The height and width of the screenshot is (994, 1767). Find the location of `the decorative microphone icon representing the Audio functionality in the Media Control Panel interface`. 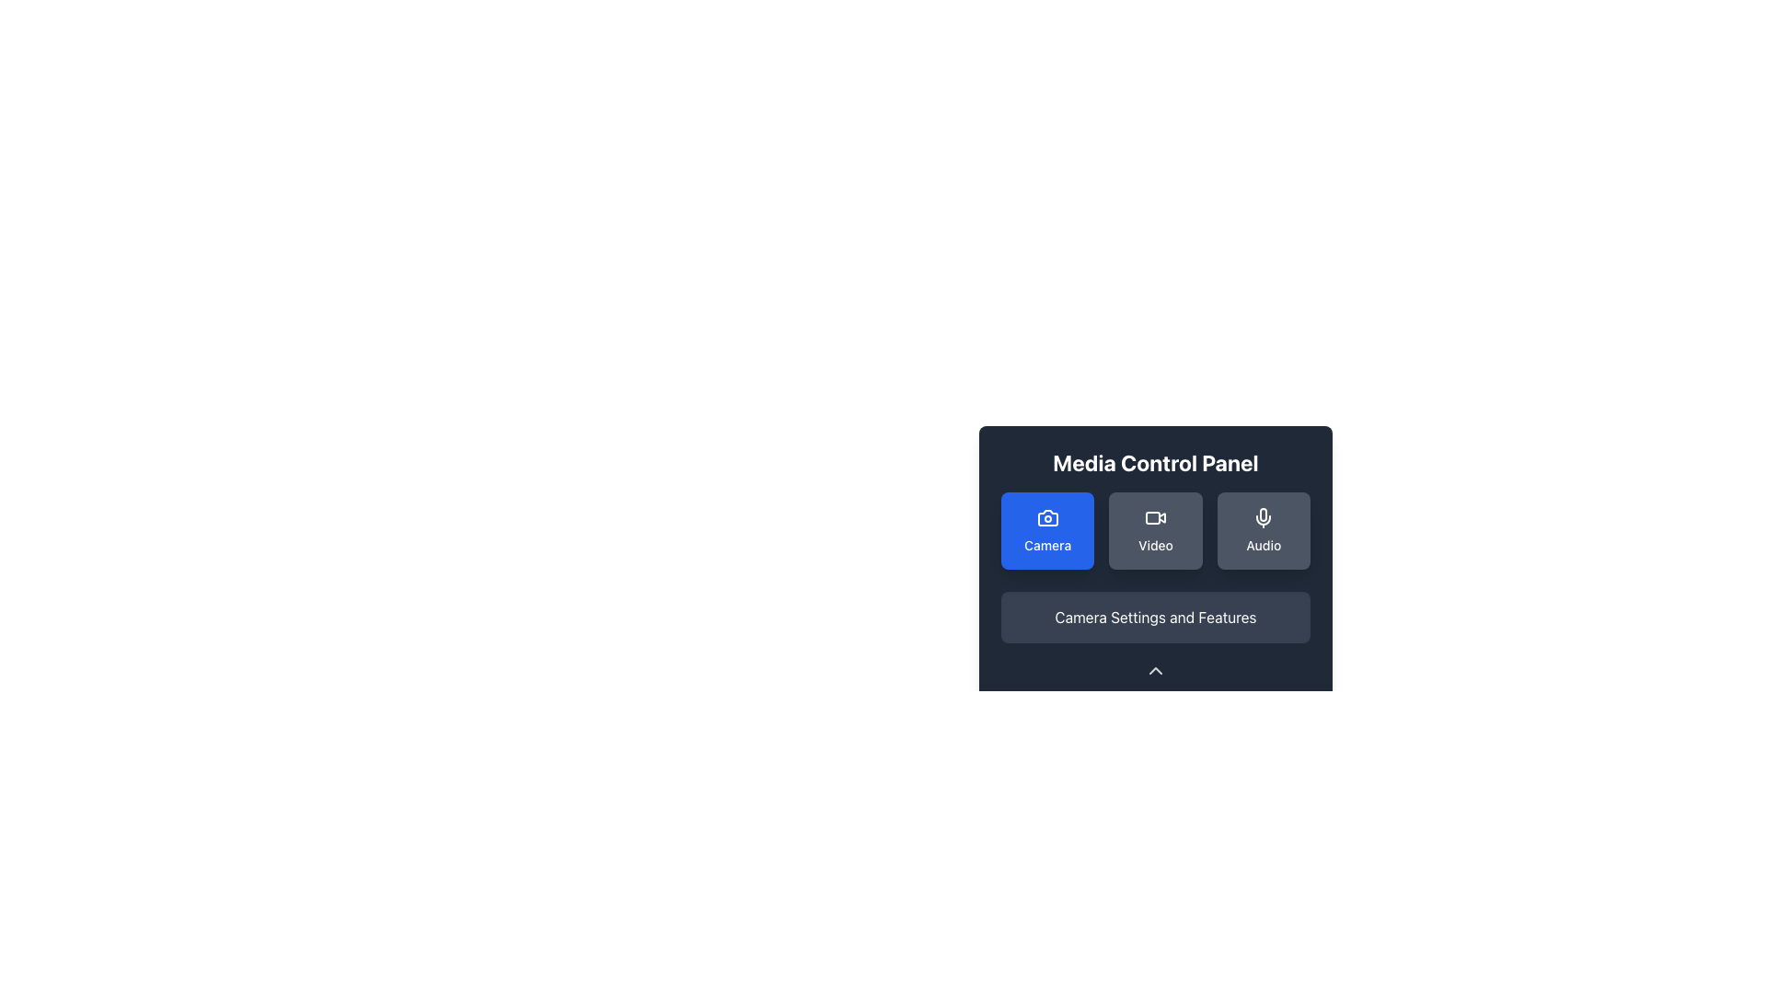

the decorative microphone icon representing the Audio functionality in the Media Control Panel interface is located at coordinates (1263, 514).